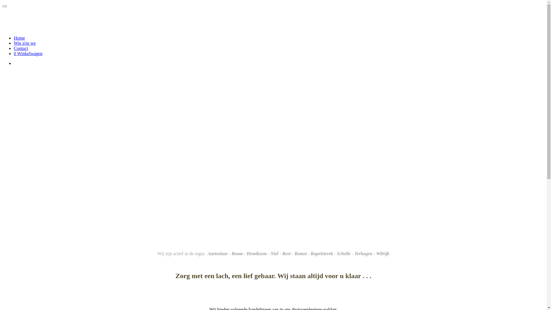  What do you see at coordinates (14, 43) in the screenshot?
I see `'Wie zijn we'` at bounding box center [14, 43].